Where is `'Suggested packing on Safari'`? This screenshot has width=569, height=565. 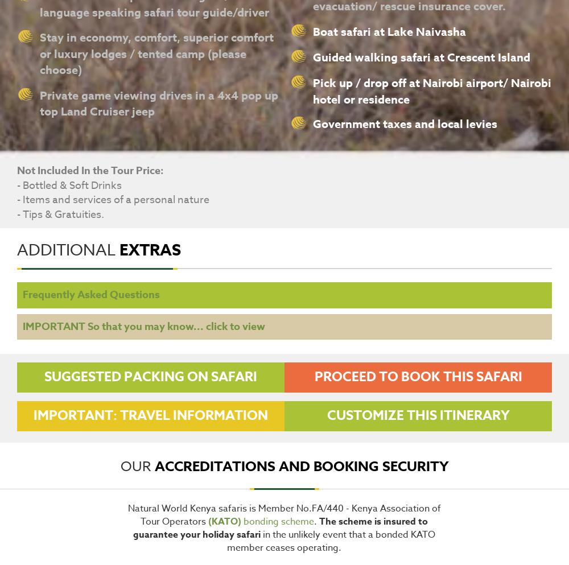
'Suggested packing on Safari' is located at coordinates (44, 377).